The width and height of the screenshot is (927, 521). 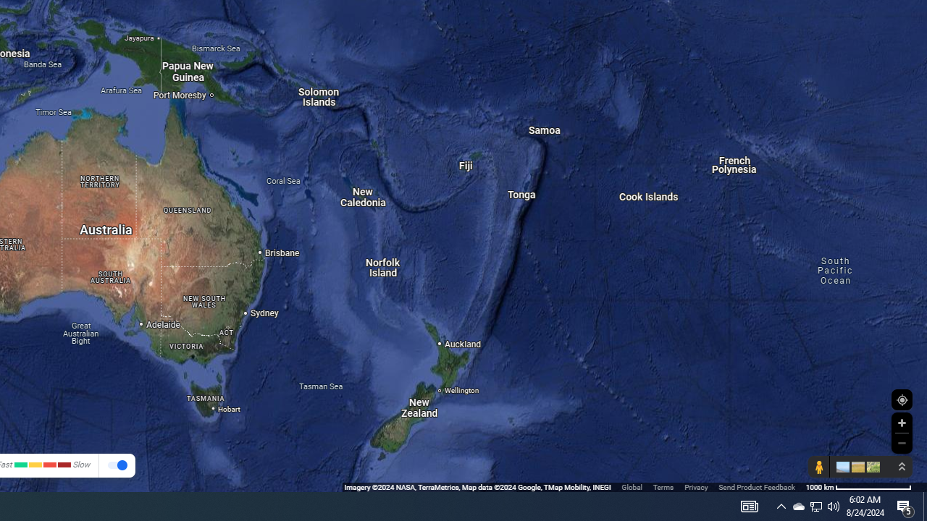 I want to click on 'Global', so click(x=632, y=487).